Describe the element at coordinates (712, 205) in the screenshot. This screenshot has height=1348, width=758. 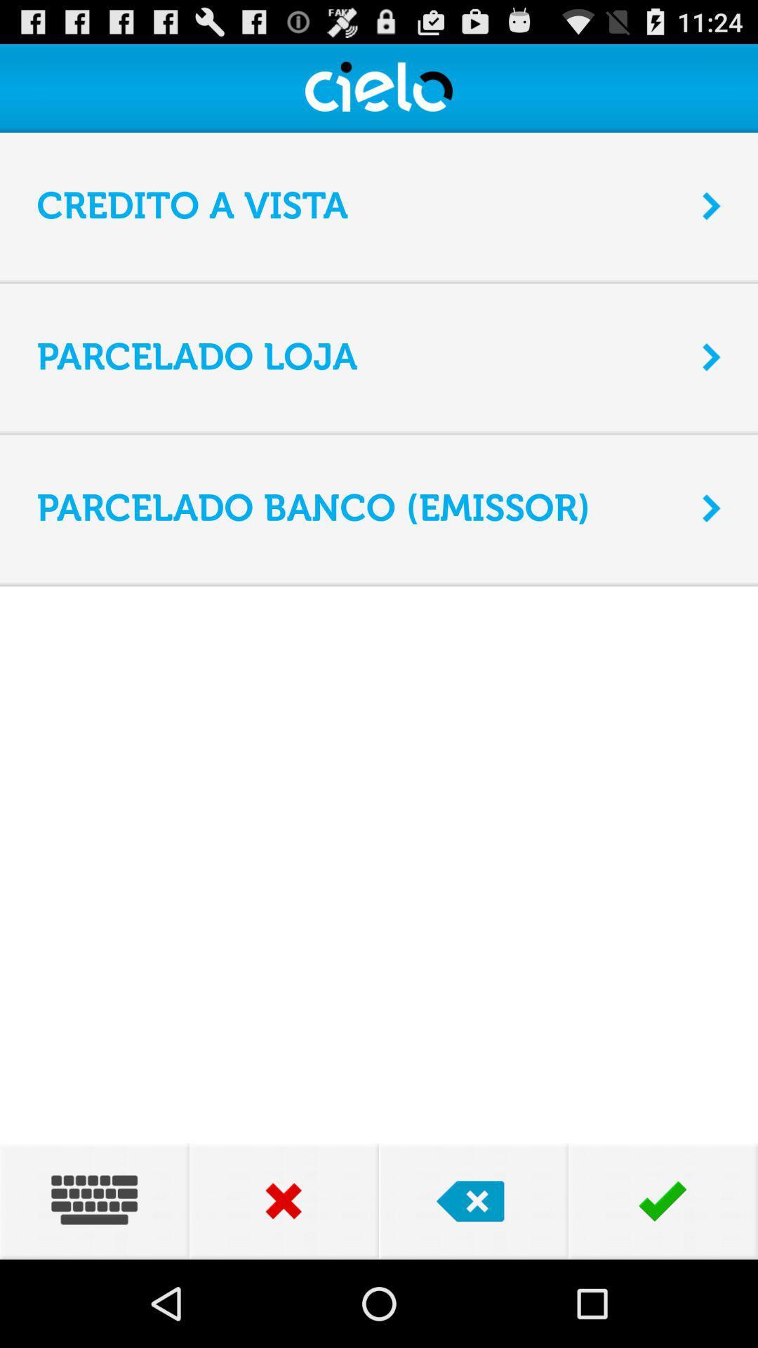
I see `the icon to the right of the credito a vista icon` at that location.